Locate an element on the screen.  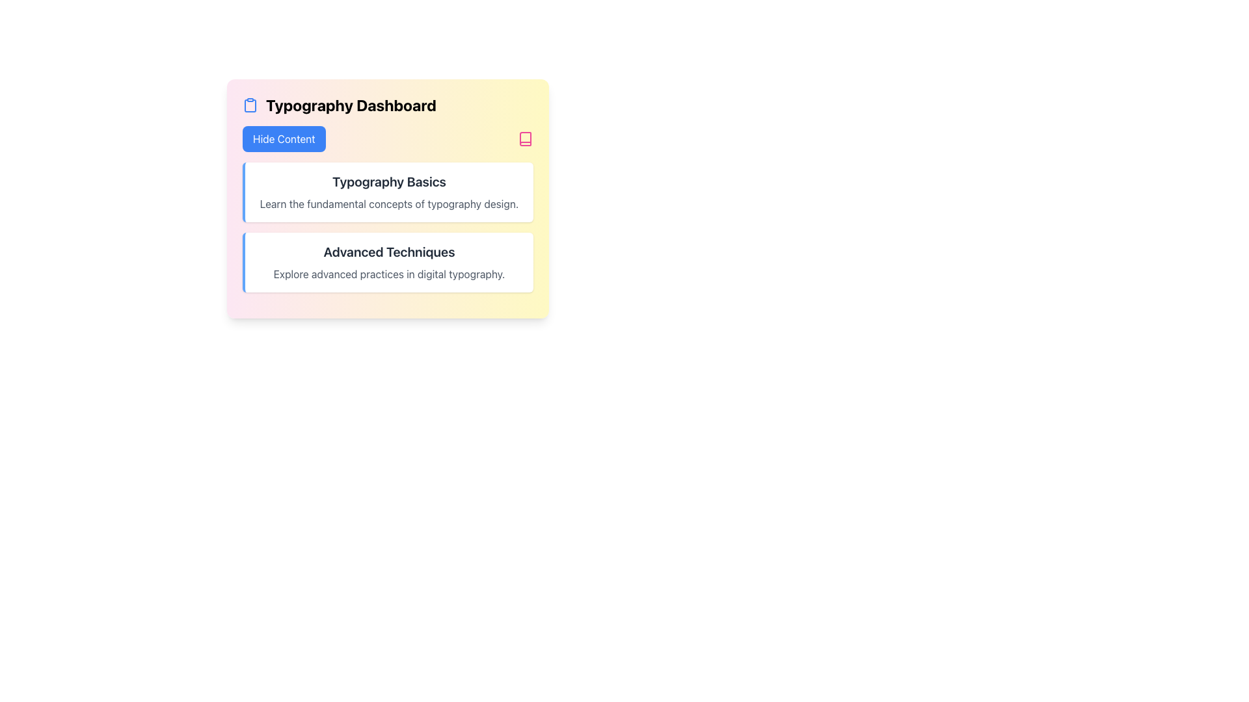
the Informative Section titled 'Typography Basics', which is located between the 'Hide Content' button and the 'Advanced Techniques' section on the Typography Dashboard is located at coordinates (387, 208).